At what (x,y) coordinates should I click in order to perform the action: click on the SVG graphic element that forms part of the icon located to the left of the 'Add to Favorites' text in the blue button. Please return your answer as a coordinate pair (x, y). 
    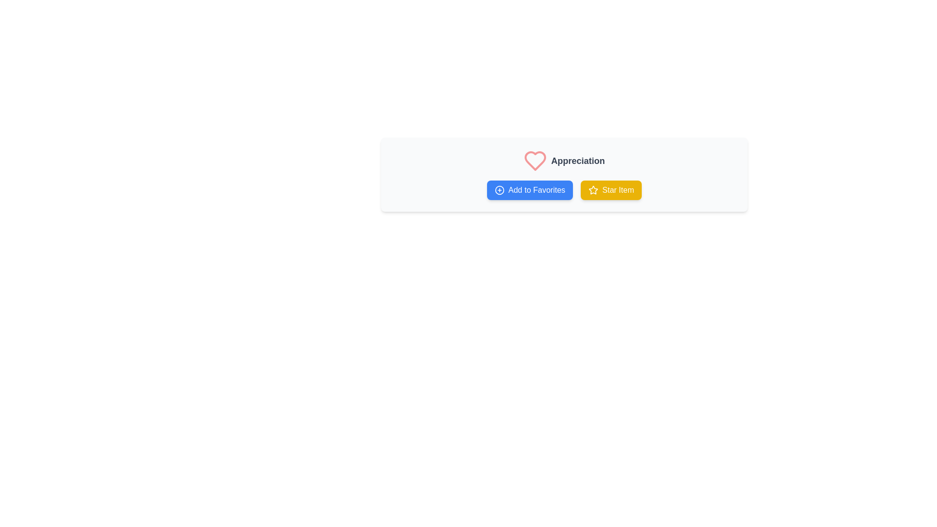
    Looking at the image, I should click on (499, 190).